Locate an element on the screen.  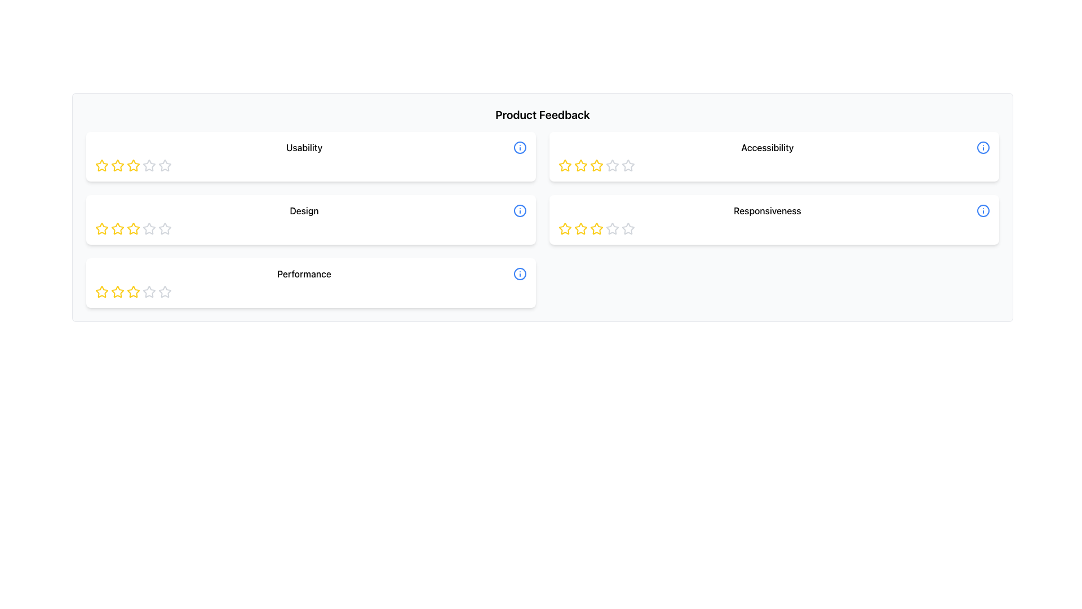
the text label indicating 'Responsiveness' located in the second column under 'Product Feedback' in the review section is located at coordinates (773, 211).